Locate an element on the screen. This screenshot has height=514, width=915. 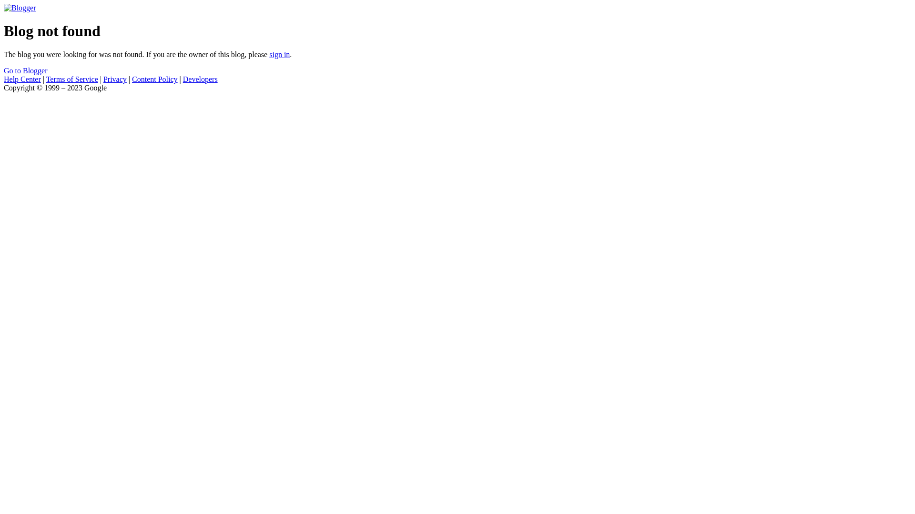
'sign in' is located at coordinates (279, 54).